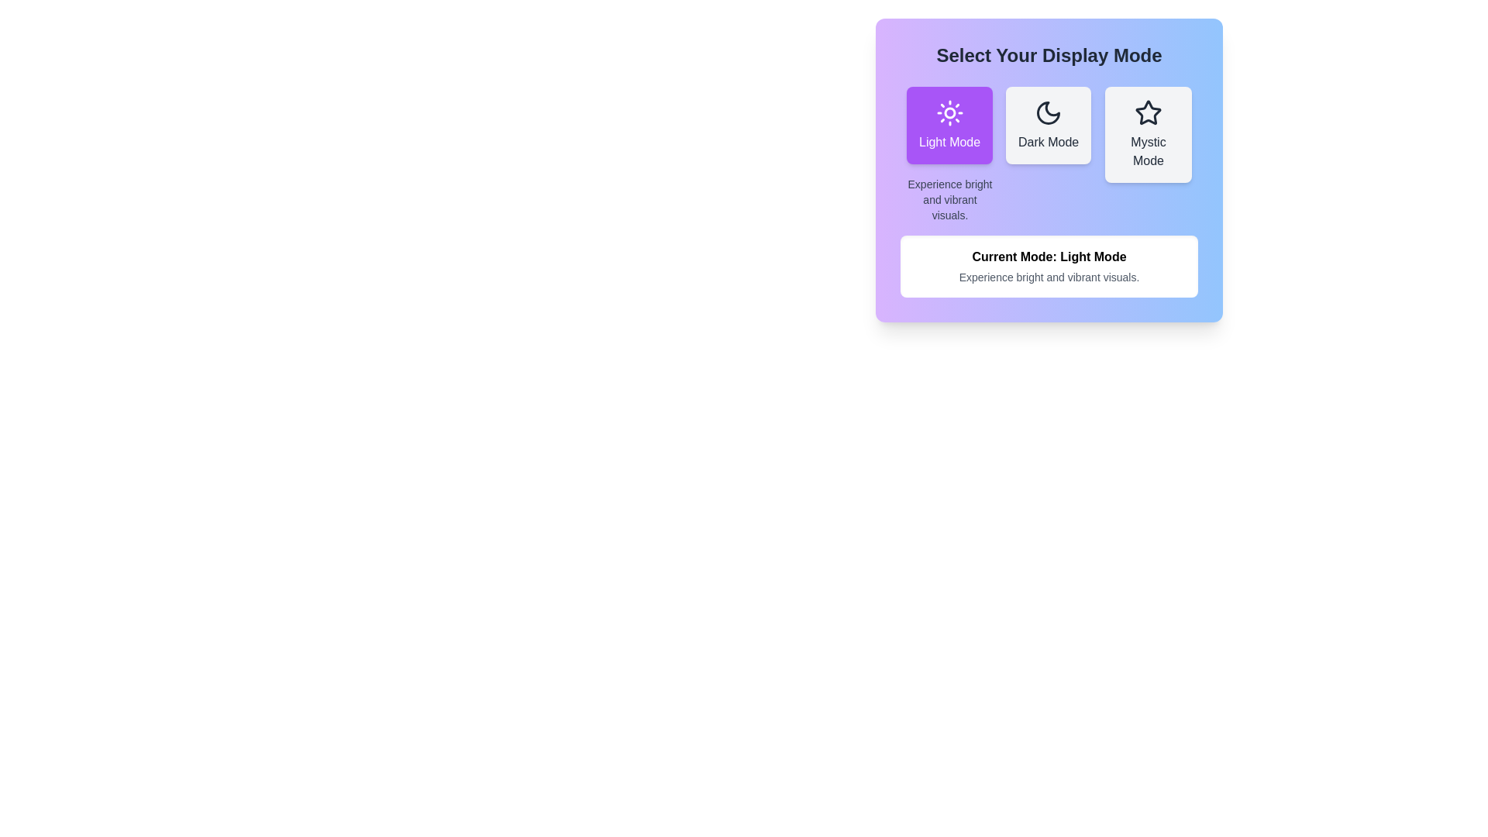  What do you see at coordinates (949, 125) in the screenshot?
I see `the button corresponding to the theme Light Mode to select it` at bounding box center [949, 125].